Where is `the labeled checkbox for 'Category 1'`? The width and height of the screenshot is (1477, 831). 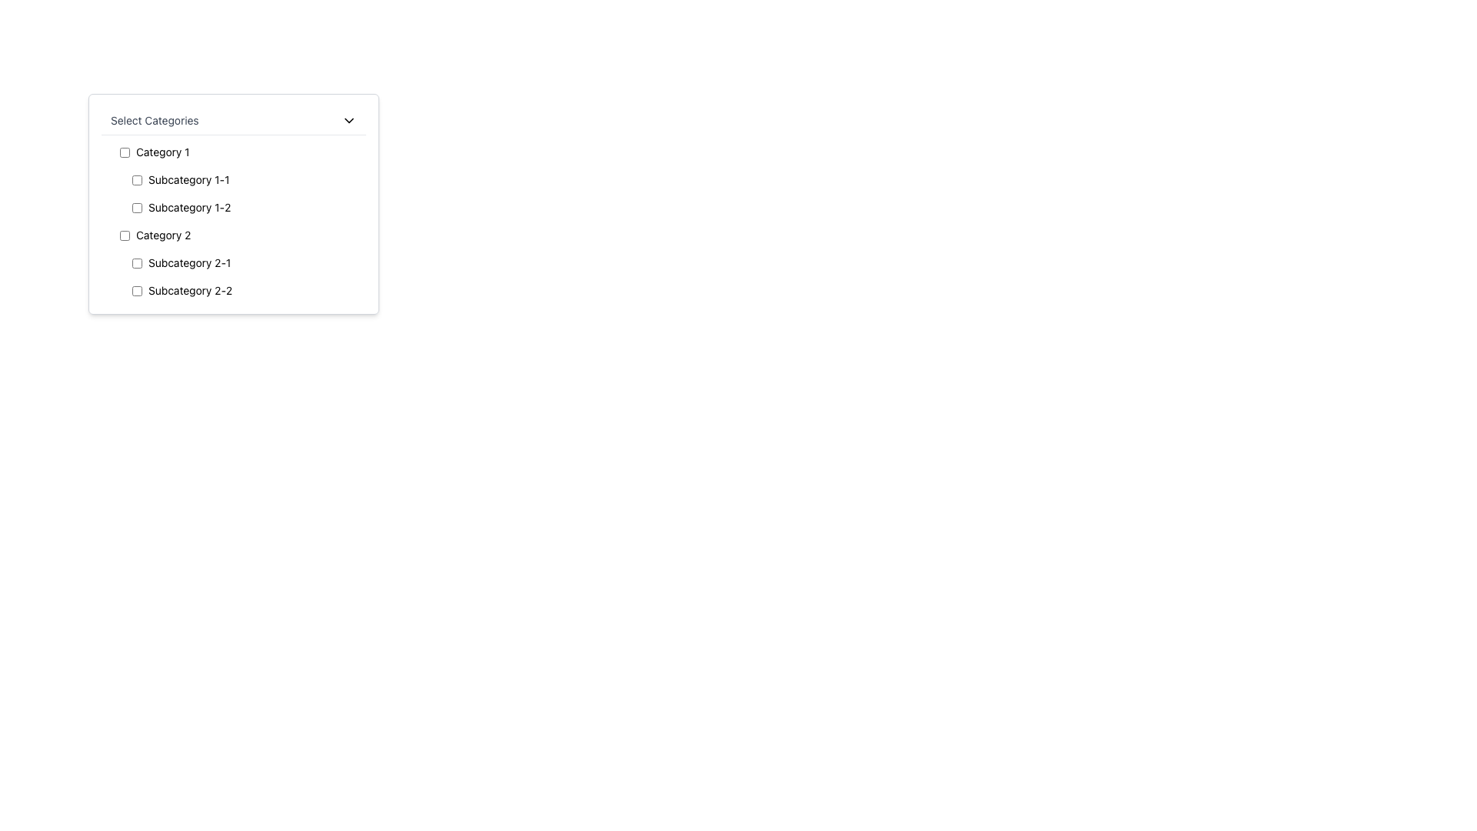
the labeled checkbox for 'Category 1' is located at coordinates (239, 152).